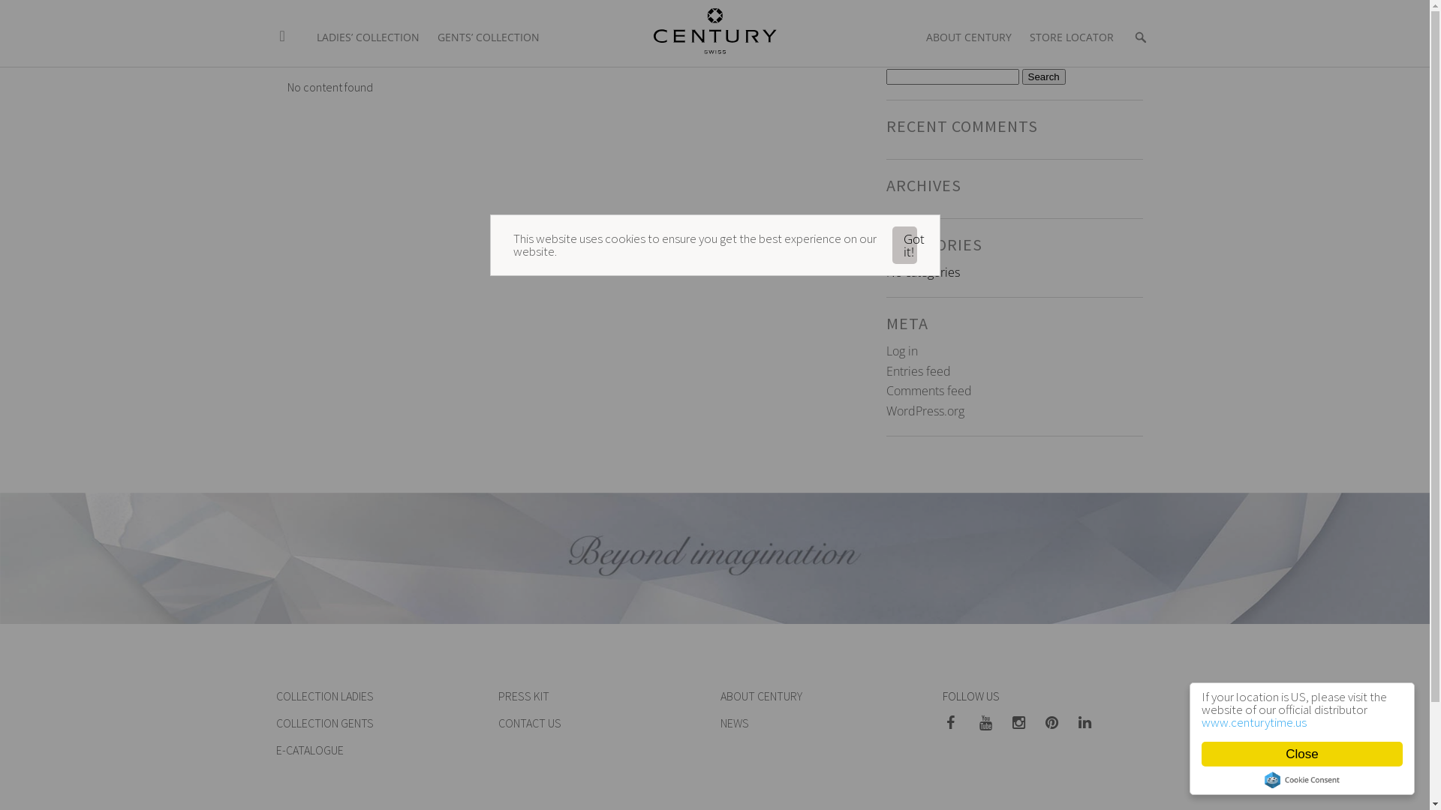 Image resolution: width=1441 pixels, height=810 pixels. Describe the element at coordinates (903, 244) in the screenshot. I see `'Got it!'` at that location.